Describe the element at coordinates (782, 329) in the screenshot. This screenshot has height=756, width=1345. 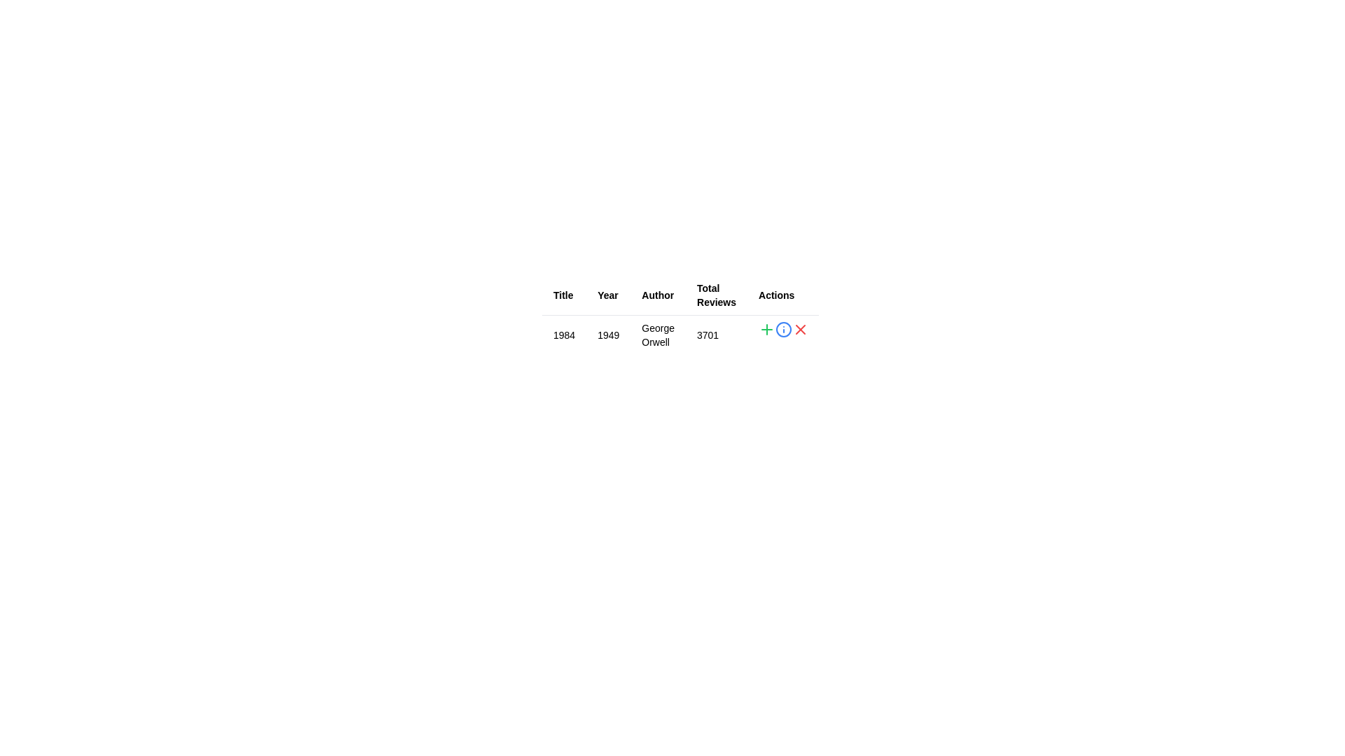
I see `the 'Info' icon located in the 'Actions' column of the data table` at that location.